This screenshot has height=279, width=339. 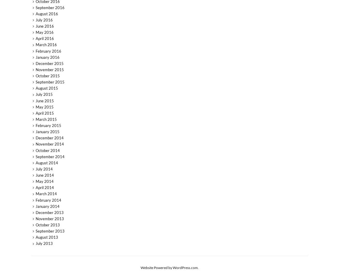 What do you see at coordinates (47, 150) in the screenshot?
I see `'October 2014'` at bounding box center [47, 150].